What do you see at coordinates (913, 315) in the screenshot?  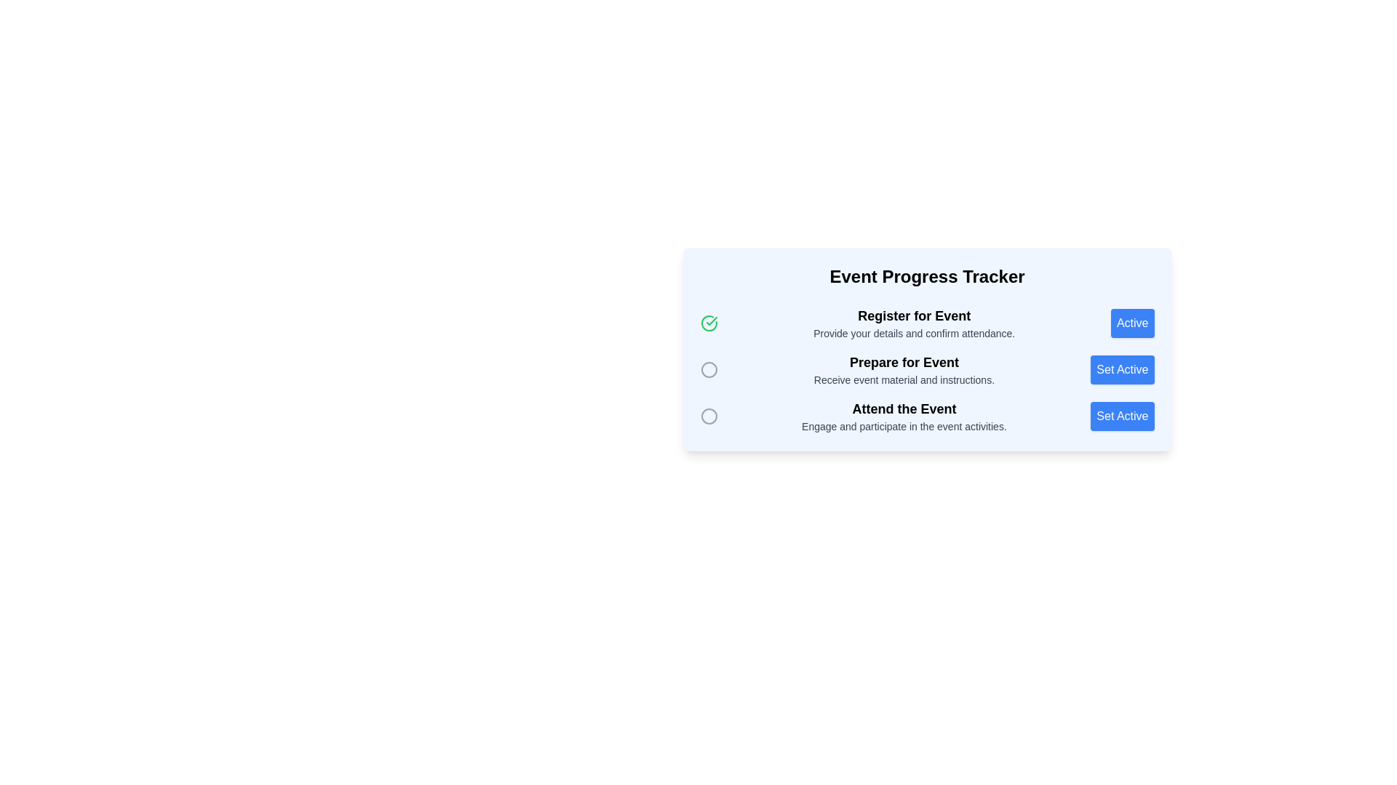 I see `the Text header that serves as a descriptive header for the section, positioned near the top-left corner and centrally aligned within its list-like structure` at bounding box center [913, 315].